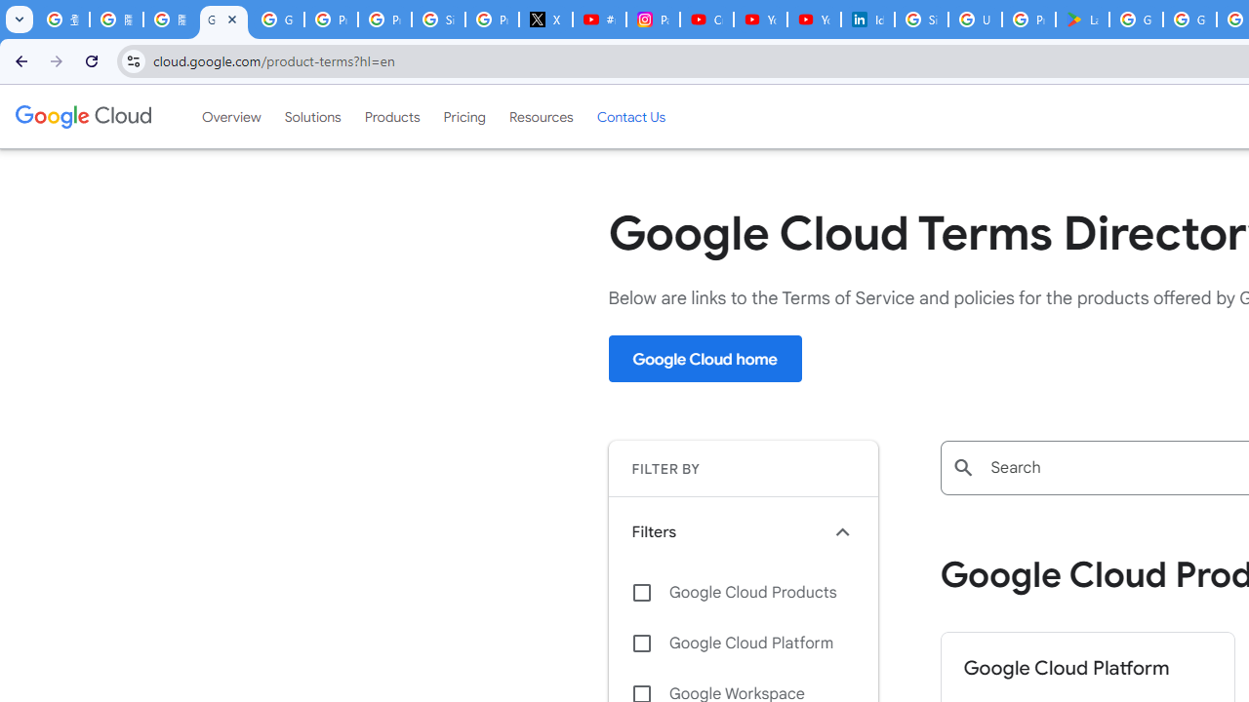  What do you see at coordinates (704, 358) in the screenshot?
I see `'Google Cloud home'` at bounding box center [704, 358].